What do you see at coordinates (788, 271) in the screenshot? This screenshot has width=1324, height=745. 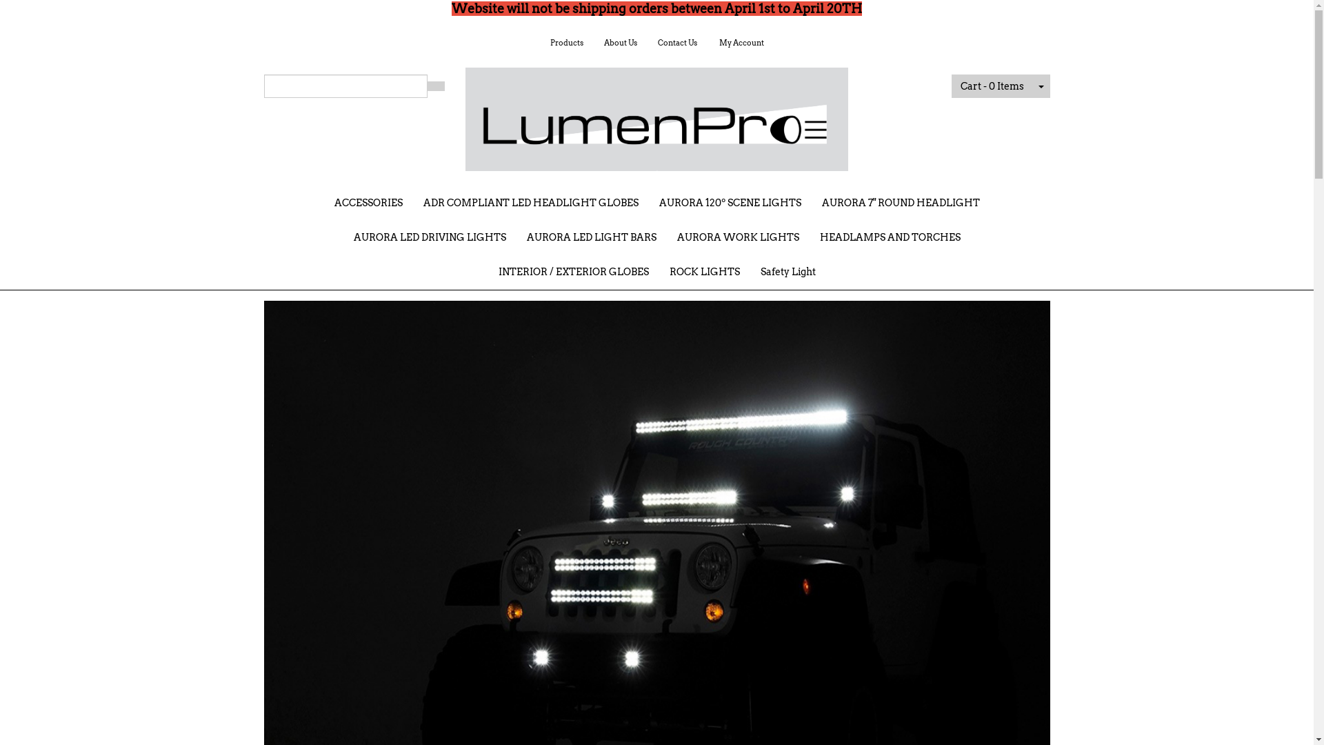 I see `'Safety Light'` at bounding box center [788, 271].